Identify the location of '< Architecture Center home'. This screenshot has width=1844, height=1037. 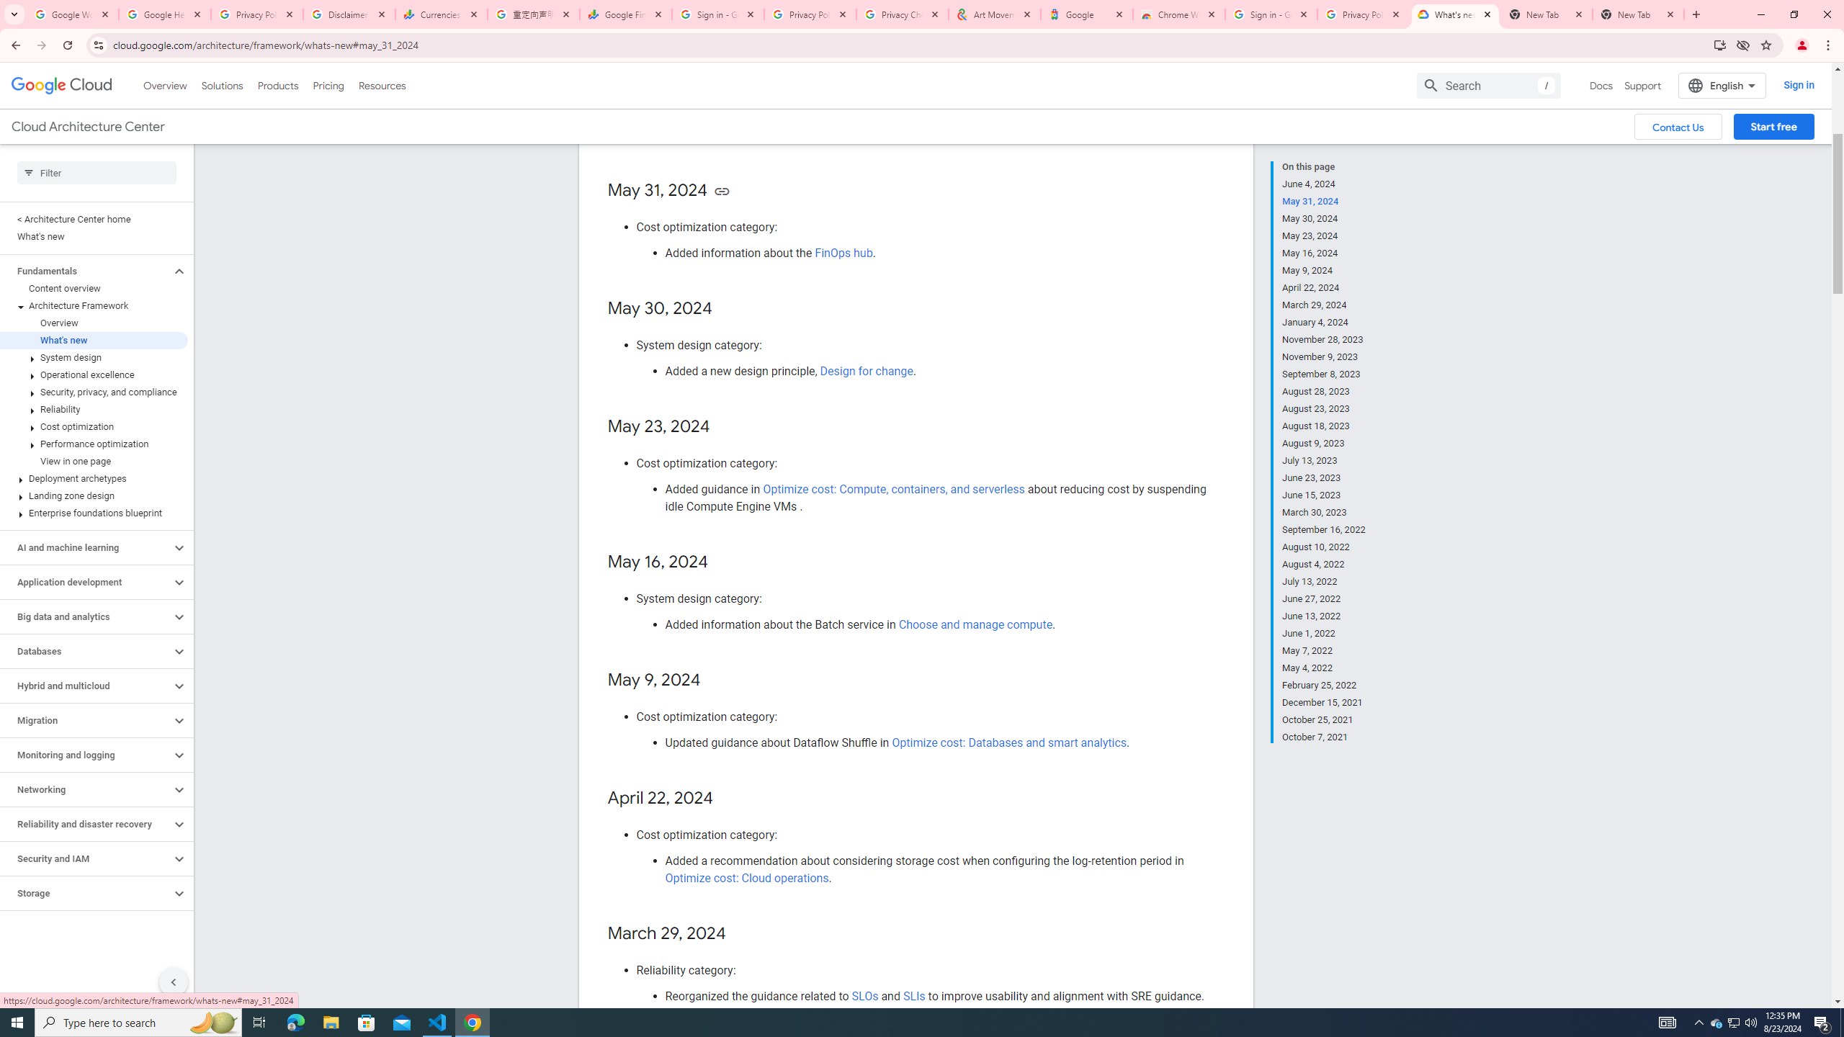
(94, 218).